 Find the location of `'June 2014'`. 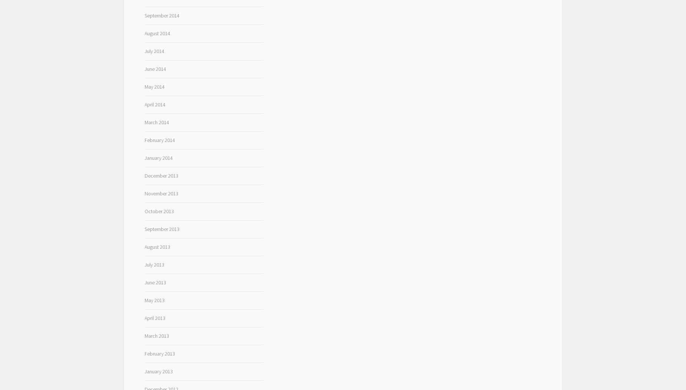

'June 2014' is located at coordinates (144, 69).